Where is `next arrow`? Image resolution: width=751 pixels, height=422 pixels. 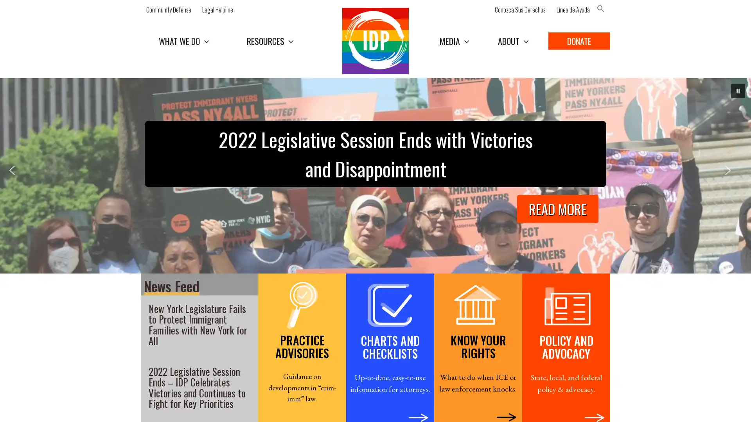 next arrow is located at coordinates (733, 176).